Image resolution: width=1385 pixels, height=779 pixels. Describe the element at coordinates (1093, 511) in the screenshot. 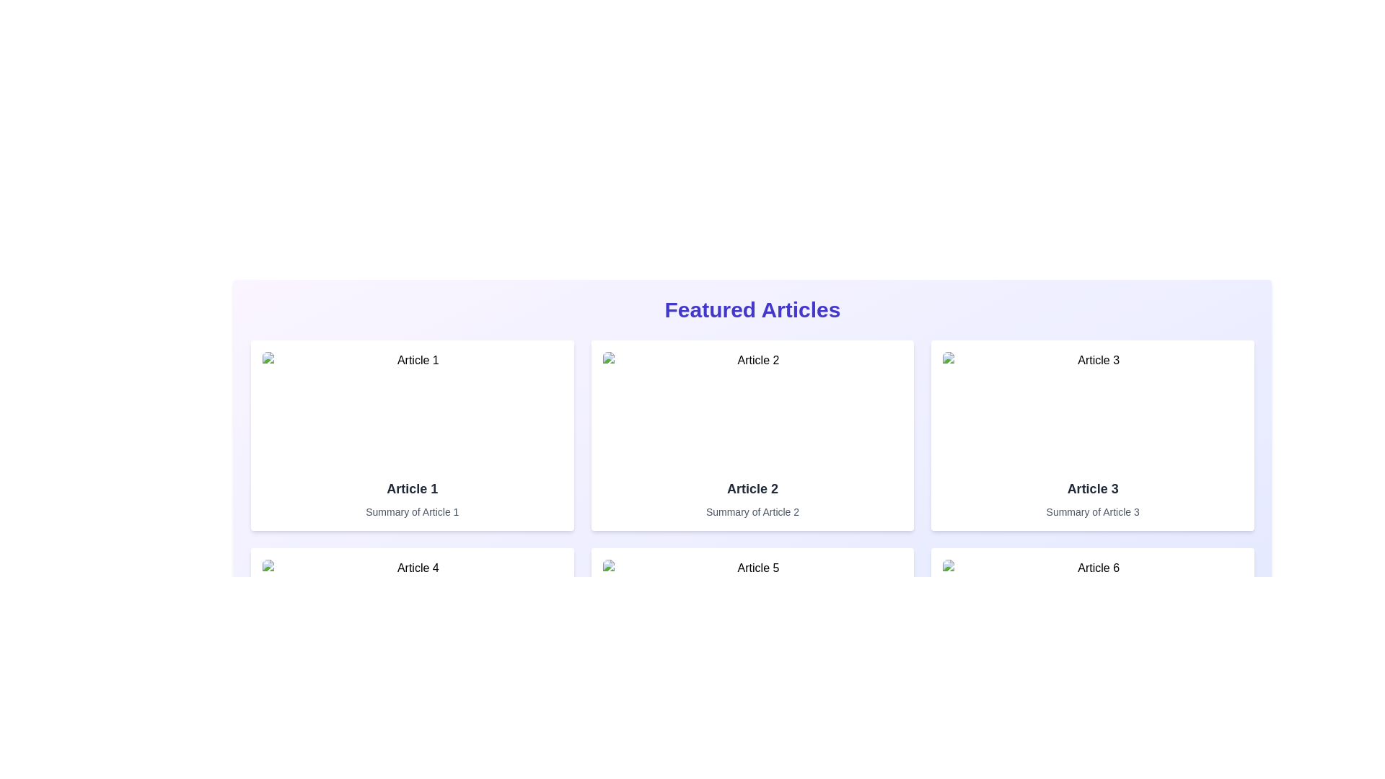

I see `text content of the Text Label that displays 'Summary of Article 3', which is styled in a small gray font and located under the title 'Article 3'` at that location.